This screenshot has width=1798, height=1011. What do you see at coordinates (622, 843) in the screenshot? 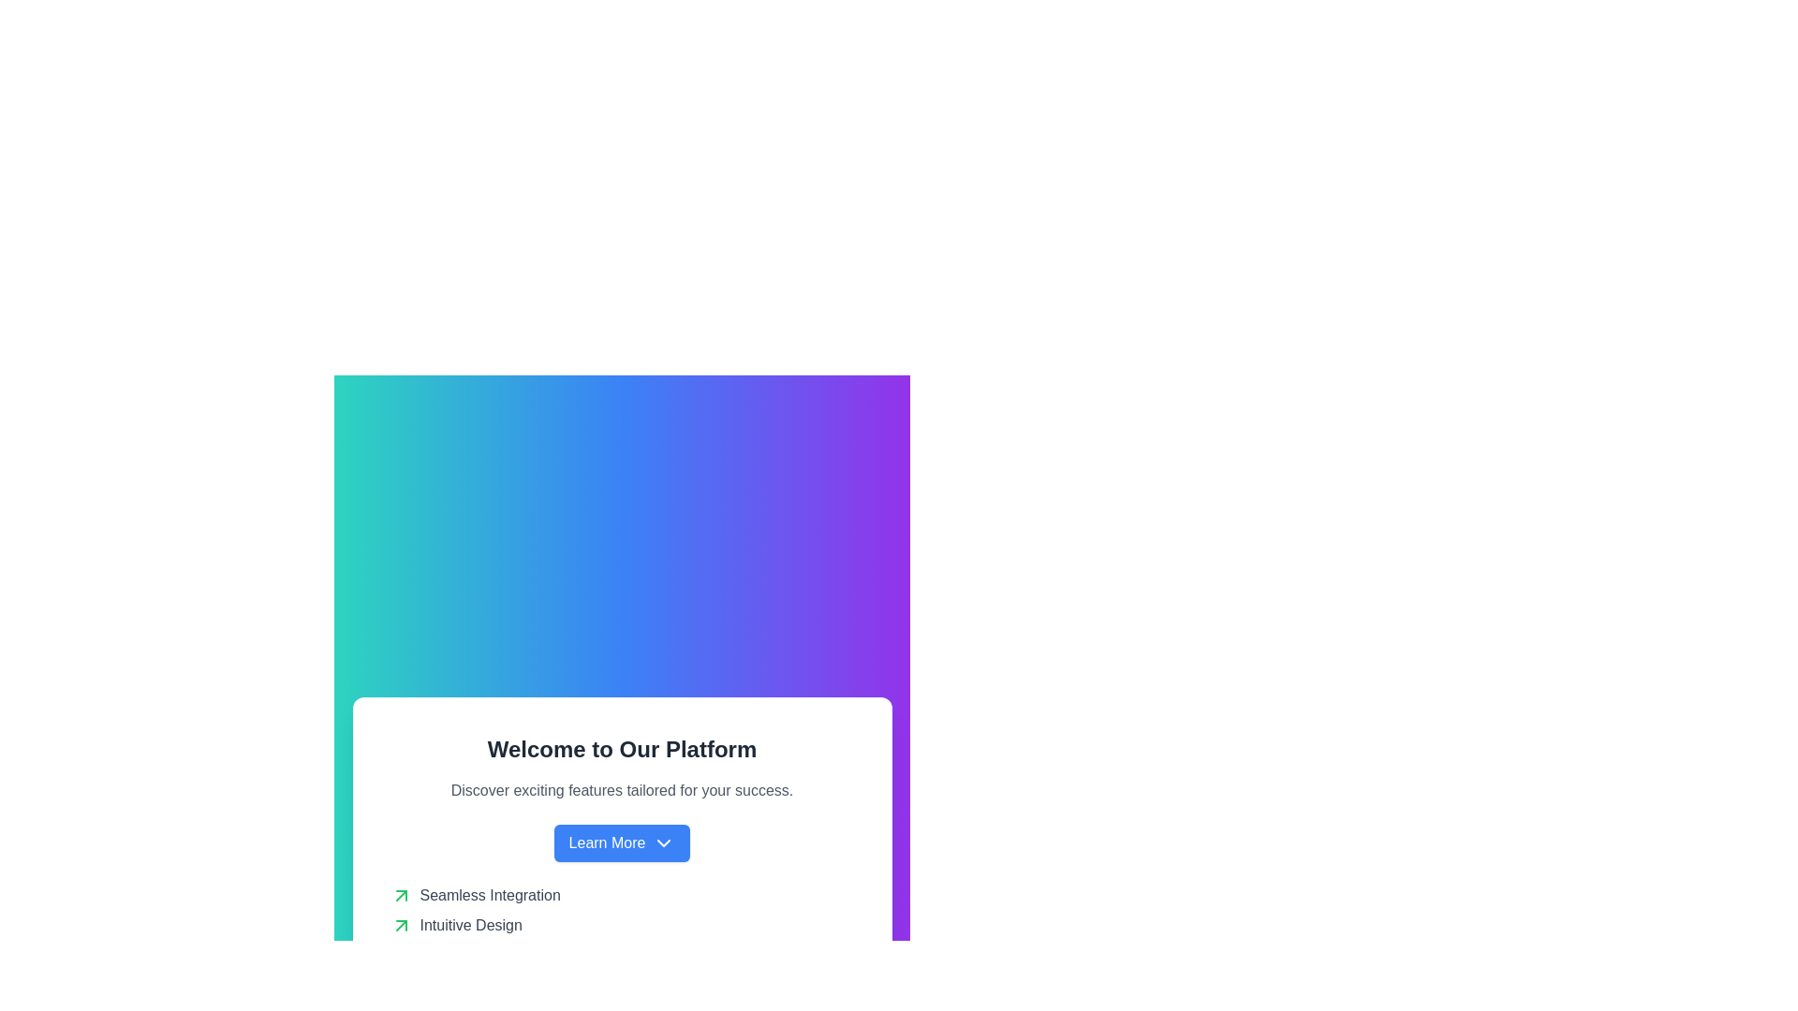
I see `the button located below the title 'Discover exciting features tailored for your success.'` at bounding box center [622, 843].